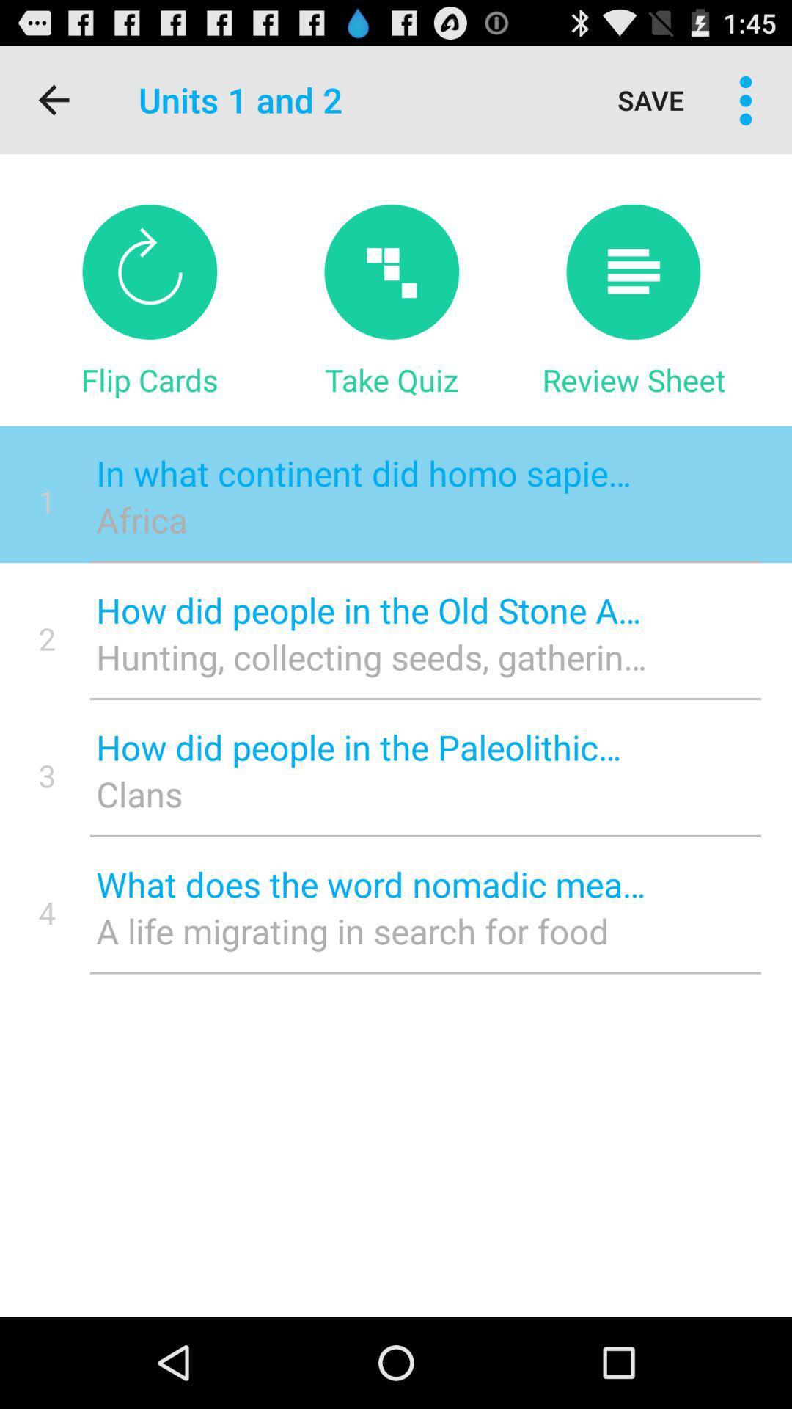  I want to click on review sheet, so click(633, 379).